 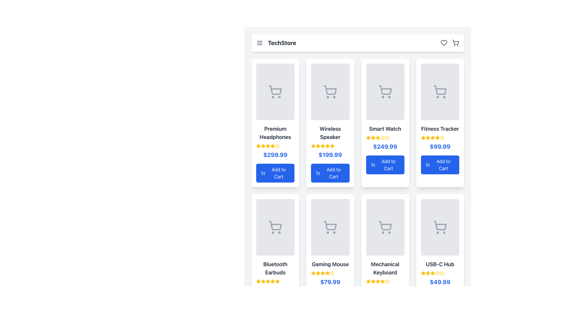 What do you see at coordinates (432, 273) in the screenshot?
I see `the Rating star icon representing user feedback for the 'USB-C Hub' product, located in the bottom-right corner of the grid` at bounding box center [432, 273].